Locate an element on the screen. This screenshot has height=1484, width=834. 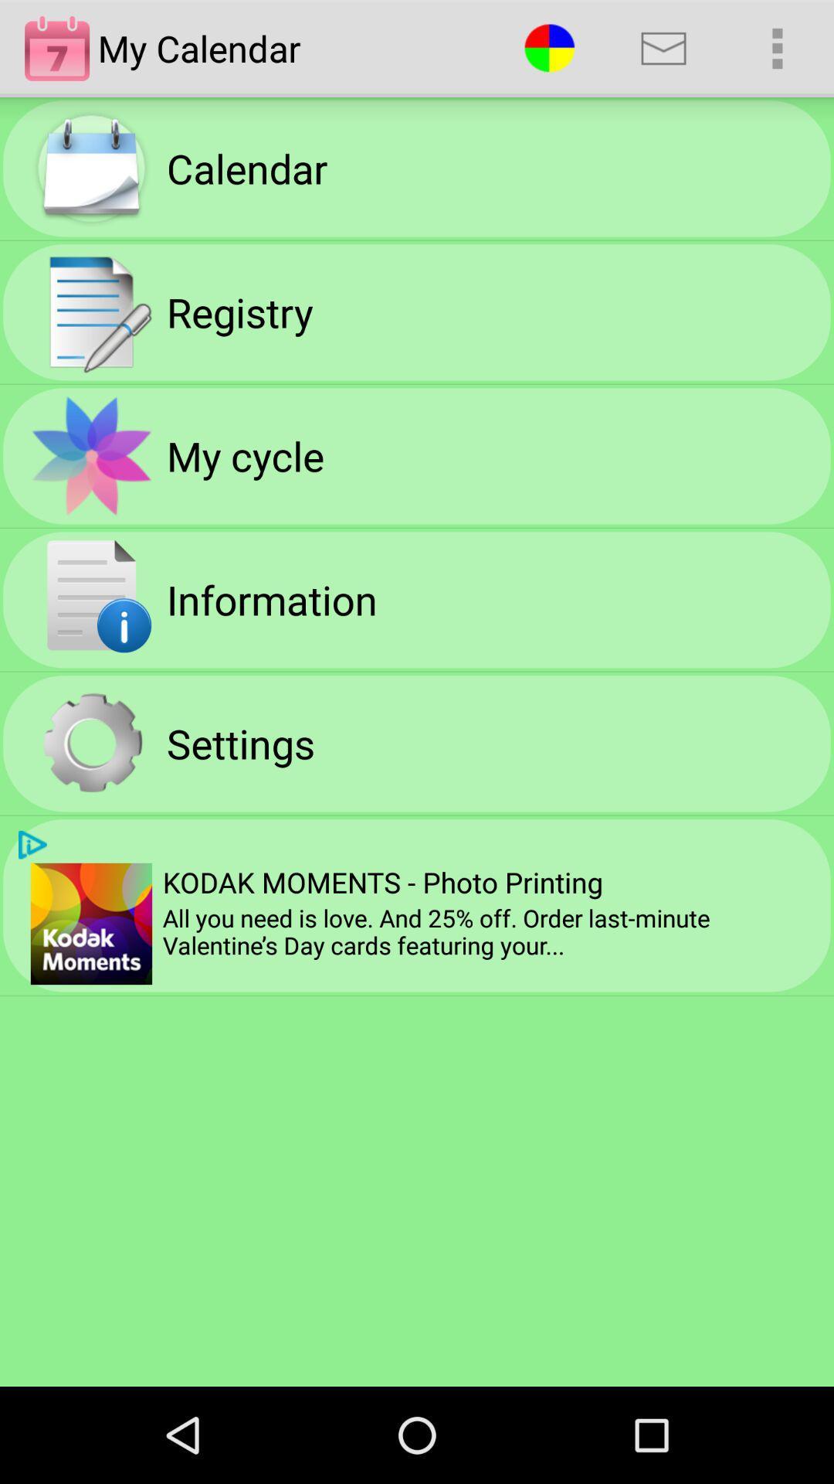
the kodak moments photo item is located at coordinates (382, 882).